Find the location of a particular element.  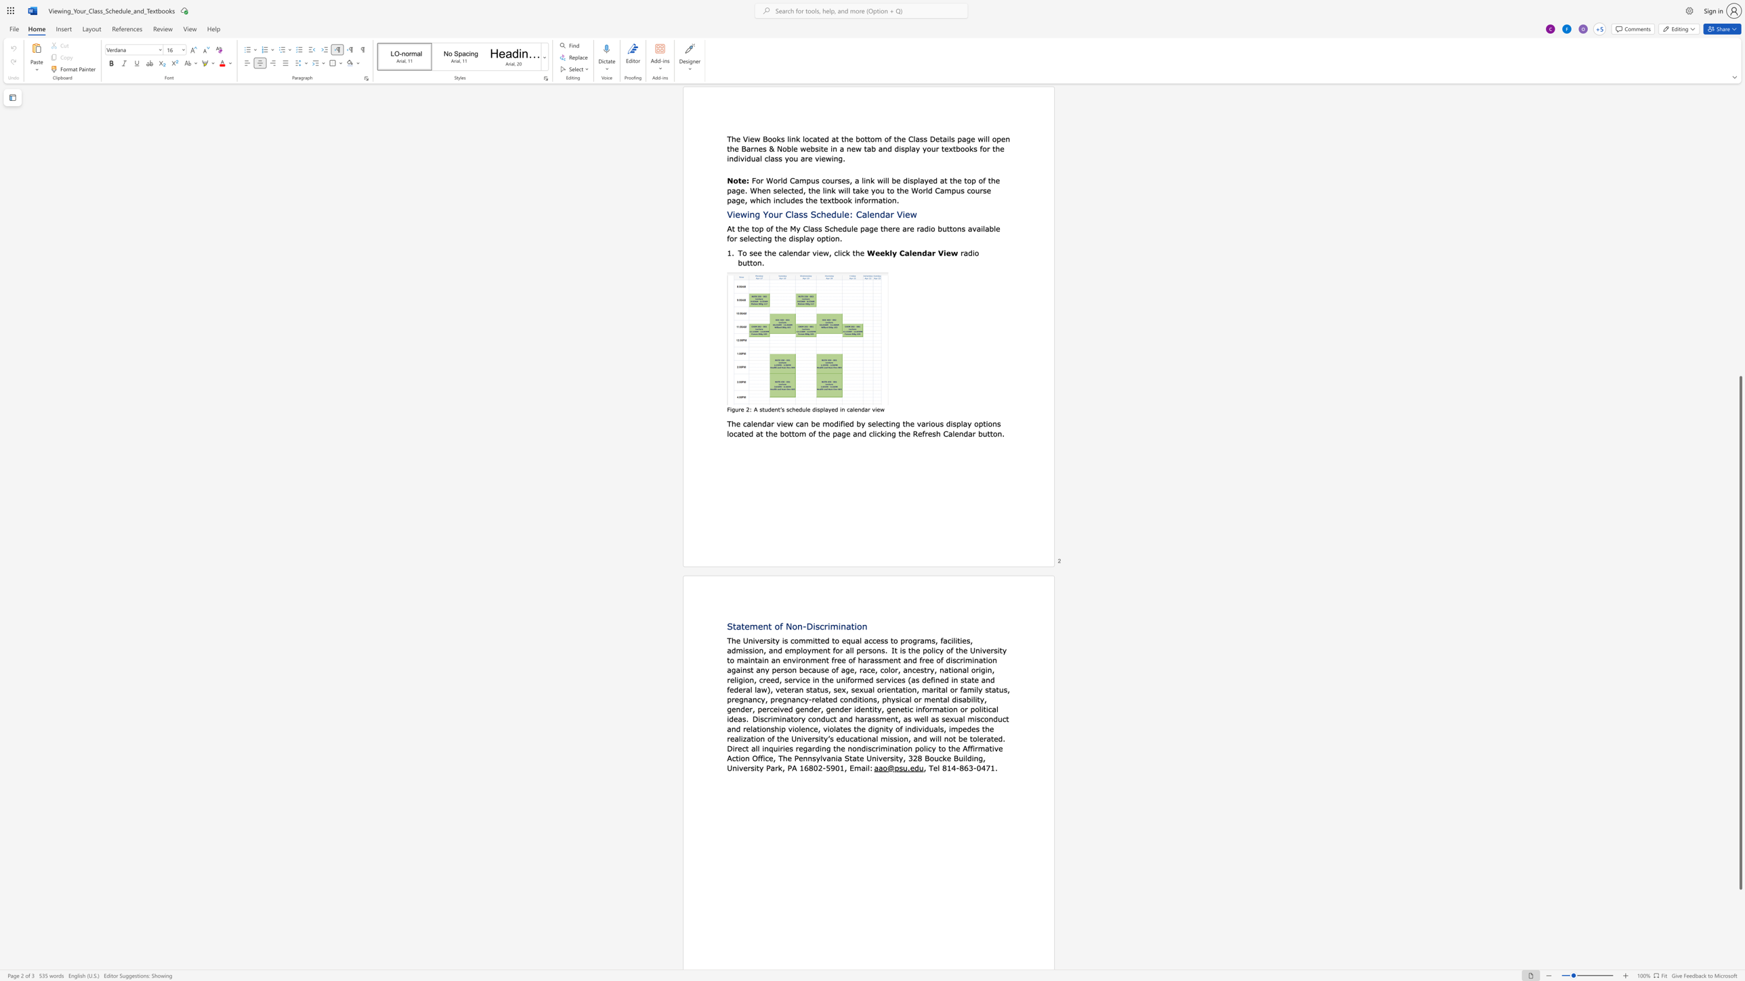

the scrollbar to move the page upward is located at coordinates (1740, 190).